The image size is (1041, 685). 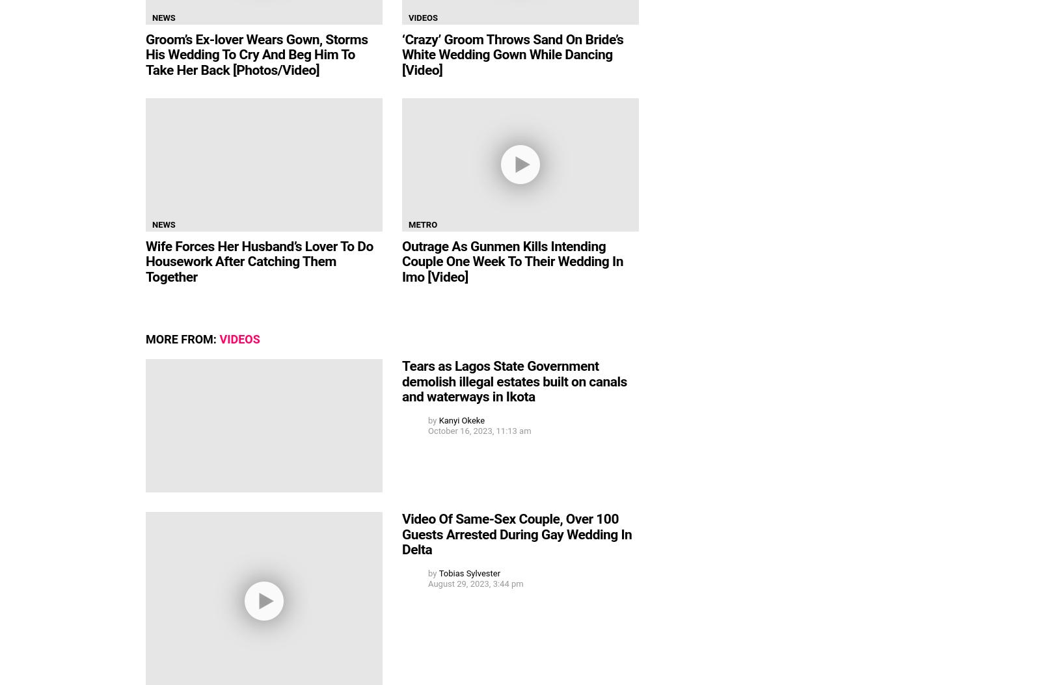 What do you see at coordinates (146, 54) in the screenshot?
I see `'Groom’s Ex-lover Wears Gown, Storms His Wedding To Cry And Beg Him To Take Her Back [Photos/Video]'` at bounding box center [146, 54].